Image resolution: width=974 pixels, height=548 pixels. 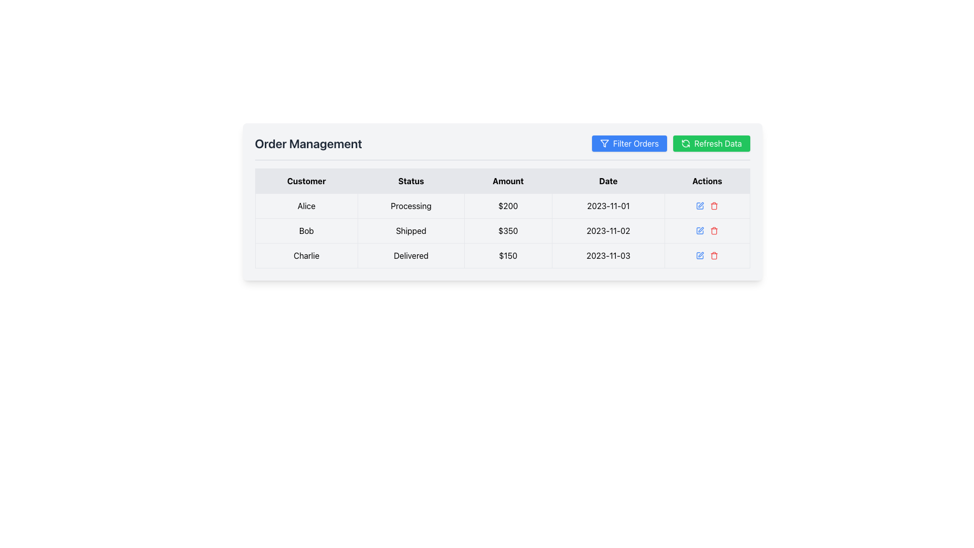 What do you see at coordinates (714, 205) in the screenshot?
I see `the delete button located in the 'Actions' column of the second row of the table` at bounding box center [714, 205].